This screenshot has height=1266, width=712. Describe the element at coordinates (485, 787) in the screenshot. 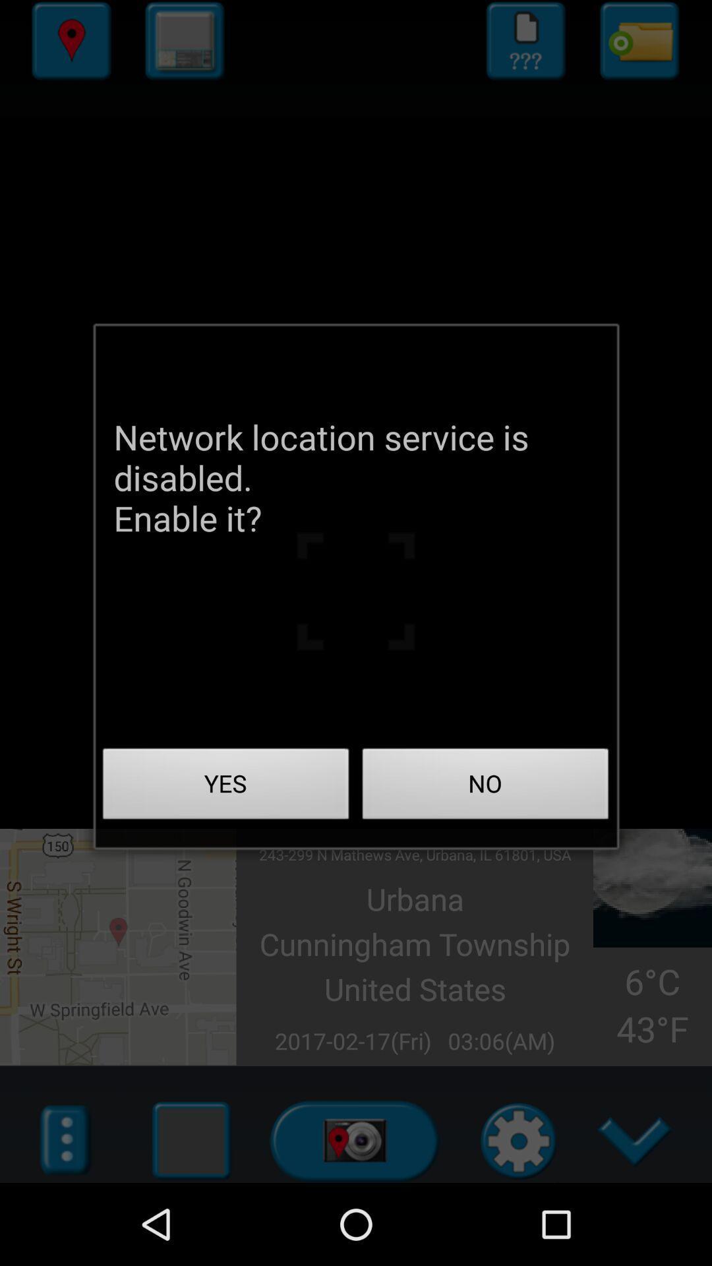

I see `app below the network location service` at that location.